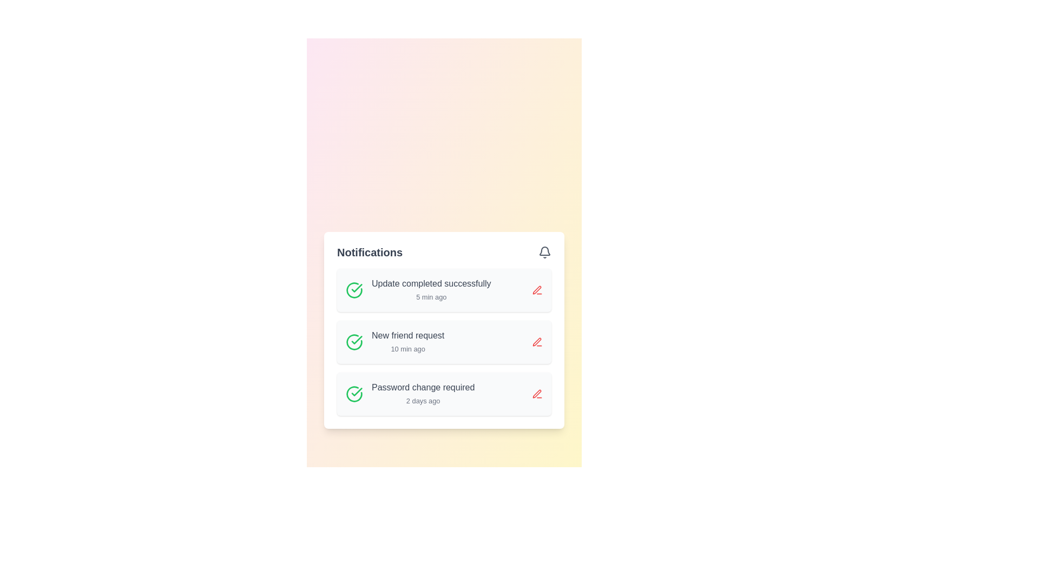  I want to click on the red pen icon-button located to the right of the 'Update completed successfully' notification, so click(537, 289).